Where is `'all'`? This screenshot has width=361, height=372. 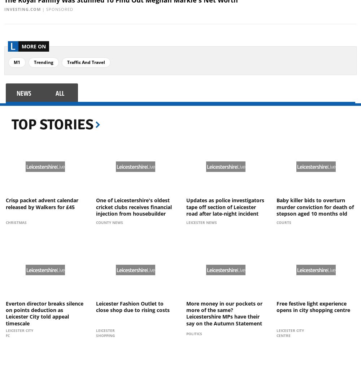
'all' is located at coordinates (56, 93).